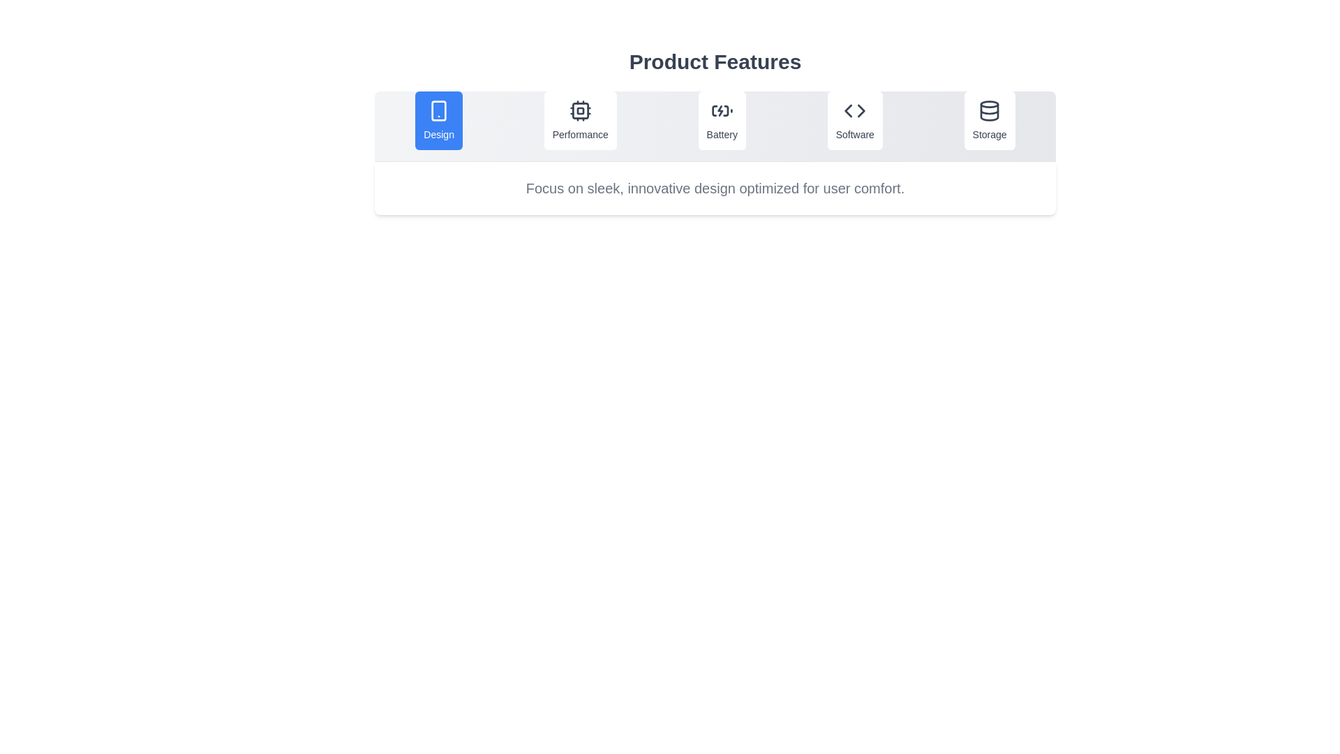 This screenshot has height=754, width=1340. I want to click on the tab labeled Battery to switch to it, so click(722, 120).